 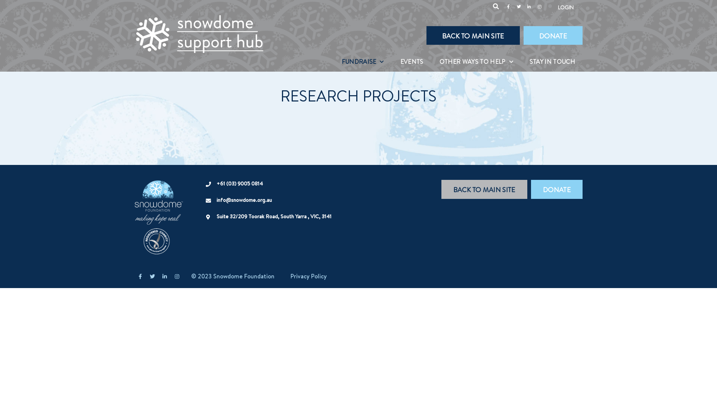 What do you see at coordinates (244, 200) in the screenshot?
I see `'info@snowdome.org.au'` at bounding box center [244, 200].